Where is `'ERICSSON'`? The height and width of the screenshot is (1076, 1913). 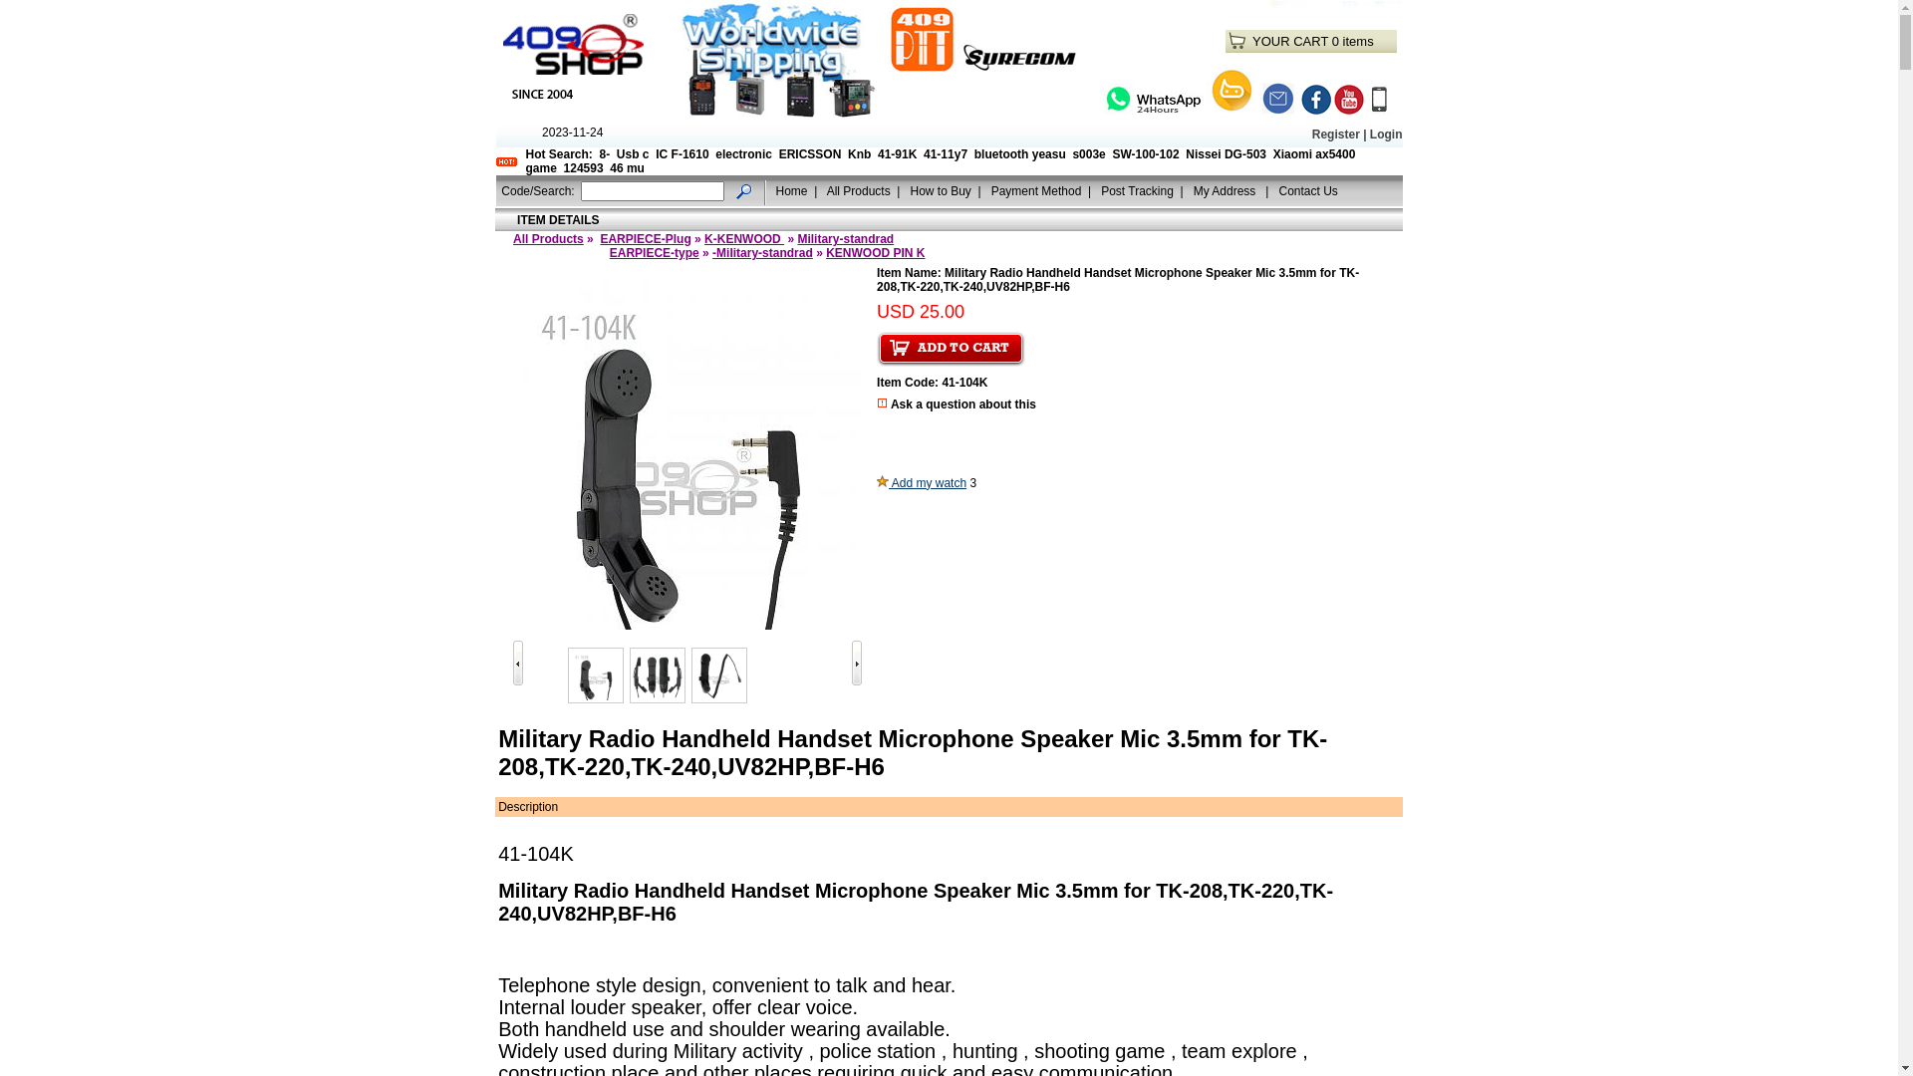
'ERICSSON' is located at coordinates (778, 152).